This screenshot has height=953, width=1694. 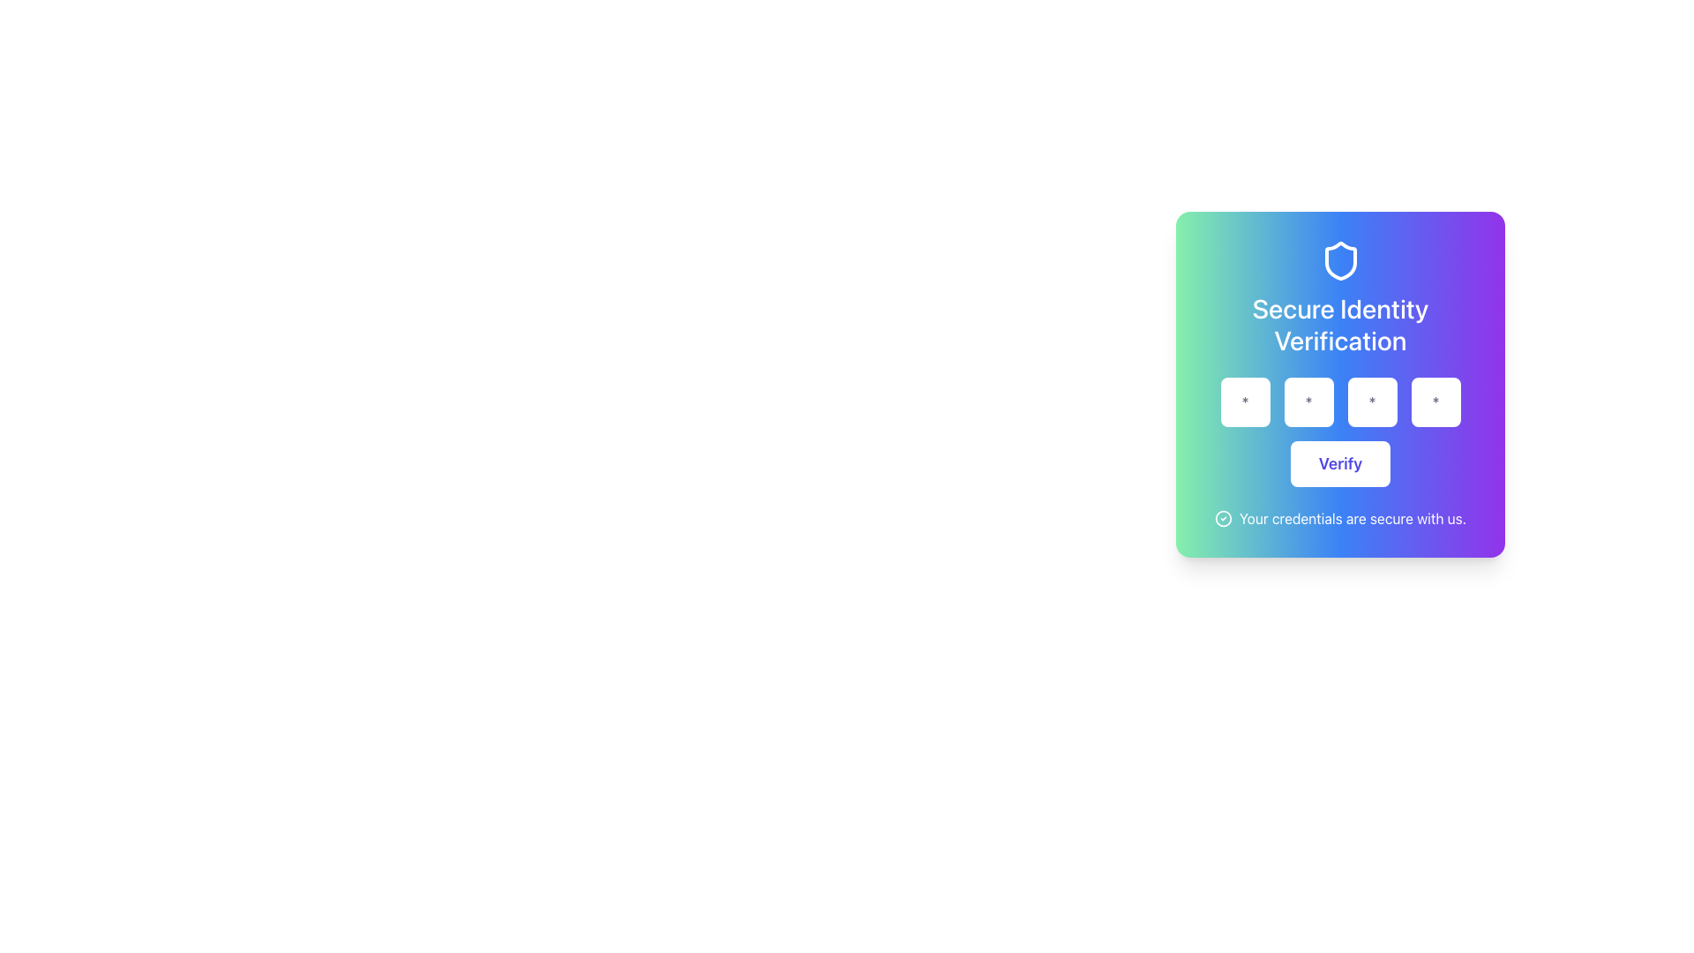 What do you see at coordinates (1340, 261) in the screenshot?
I see `the Decorative icon which represents security and protection, located at the top-center of the modal above the text 'Secure Identity Verification'` at bounding box center [1340, 261].